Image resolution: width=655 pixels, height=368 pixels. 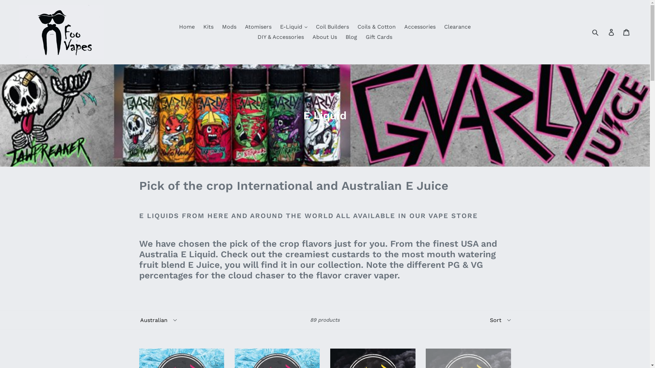 I want to click on 'Gift Cards', so click(x=378, y=37).